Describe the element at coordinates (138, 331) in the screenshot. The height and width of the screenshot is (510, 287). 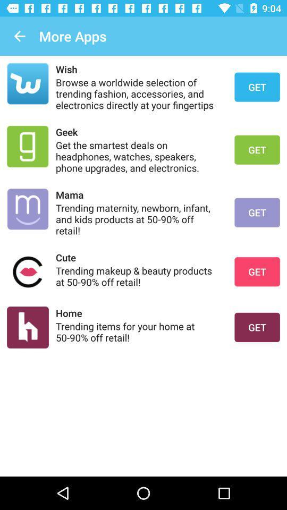
I see `the item to the left of get` at that location.